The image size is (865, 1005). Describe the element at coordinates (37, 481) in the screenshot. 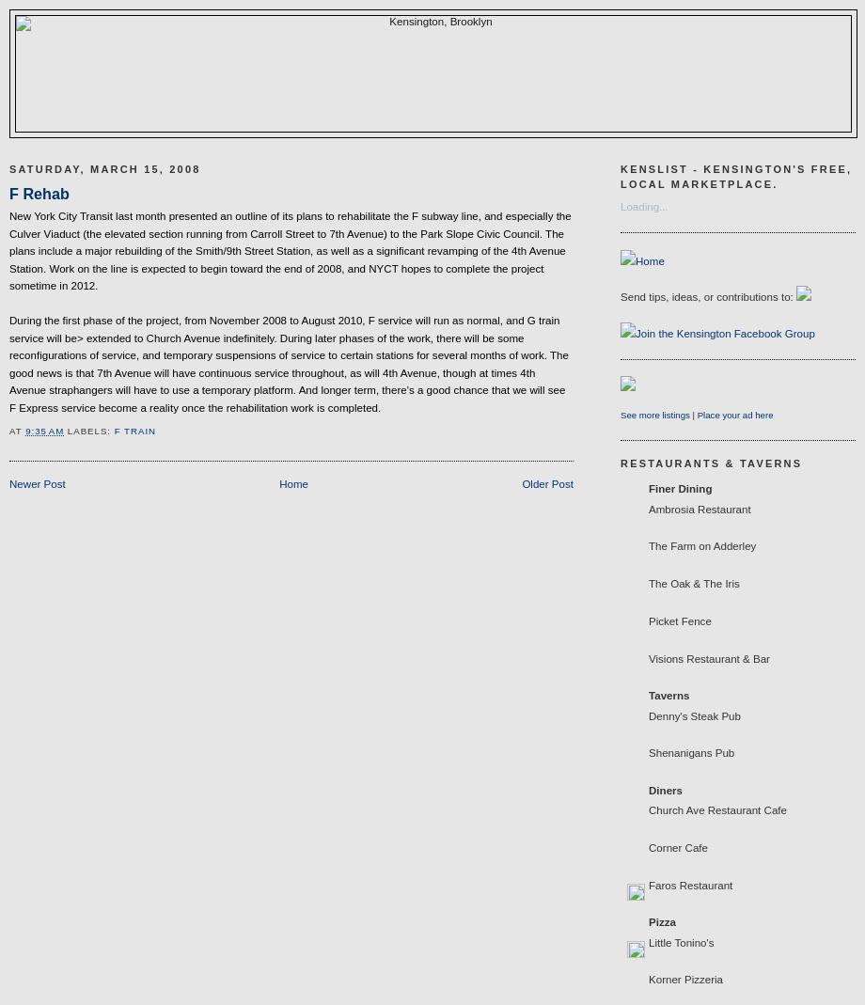

I see `'Newer Post'` at that location.